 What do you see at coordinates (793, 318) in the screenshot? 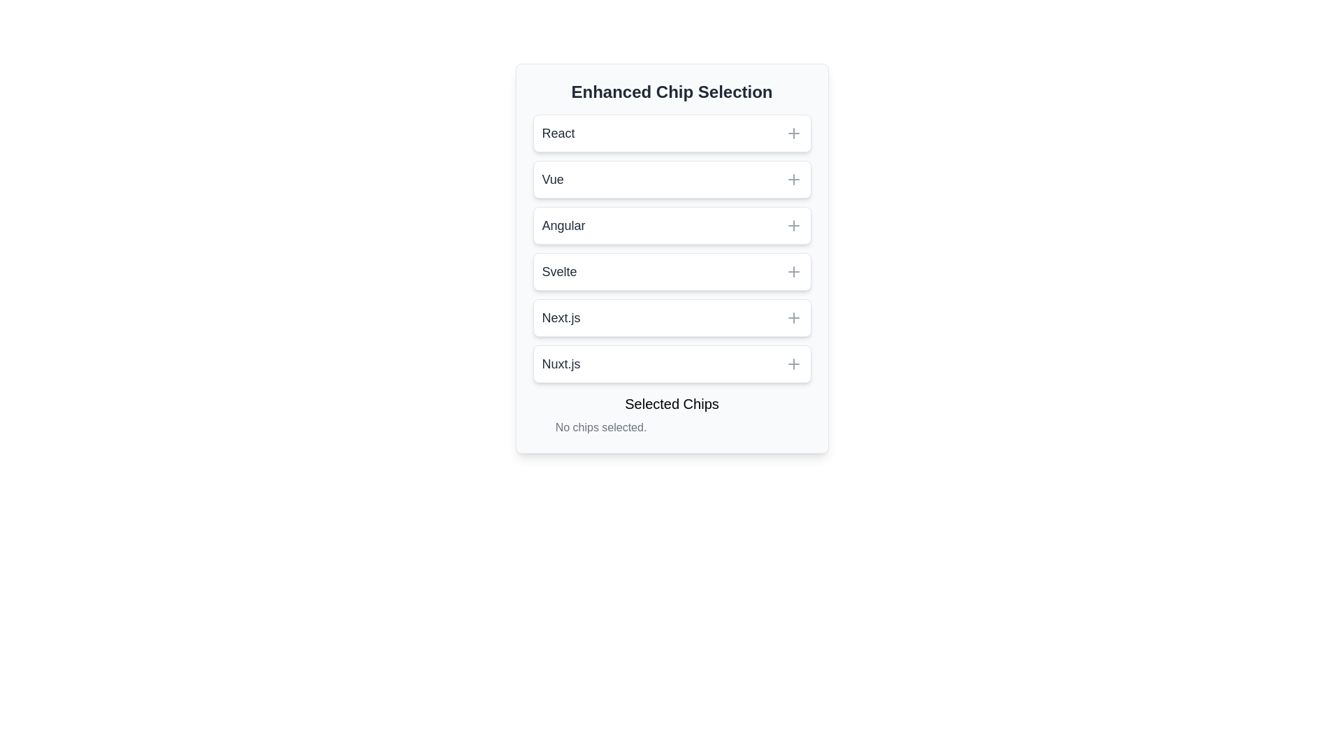
I see `the add icon button located to the far right of the 'Next.js' row in the vertically stacked list` at bounding box center [793, 318].